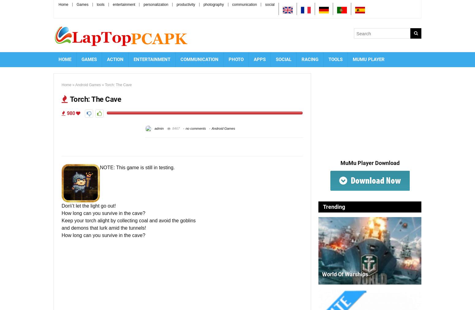 The width and height of the screenshot is (475, 310). What do you see at coordinates (112, 4) in the screenshot?
I see `'entertainment'` at bounding box center [112, 4].